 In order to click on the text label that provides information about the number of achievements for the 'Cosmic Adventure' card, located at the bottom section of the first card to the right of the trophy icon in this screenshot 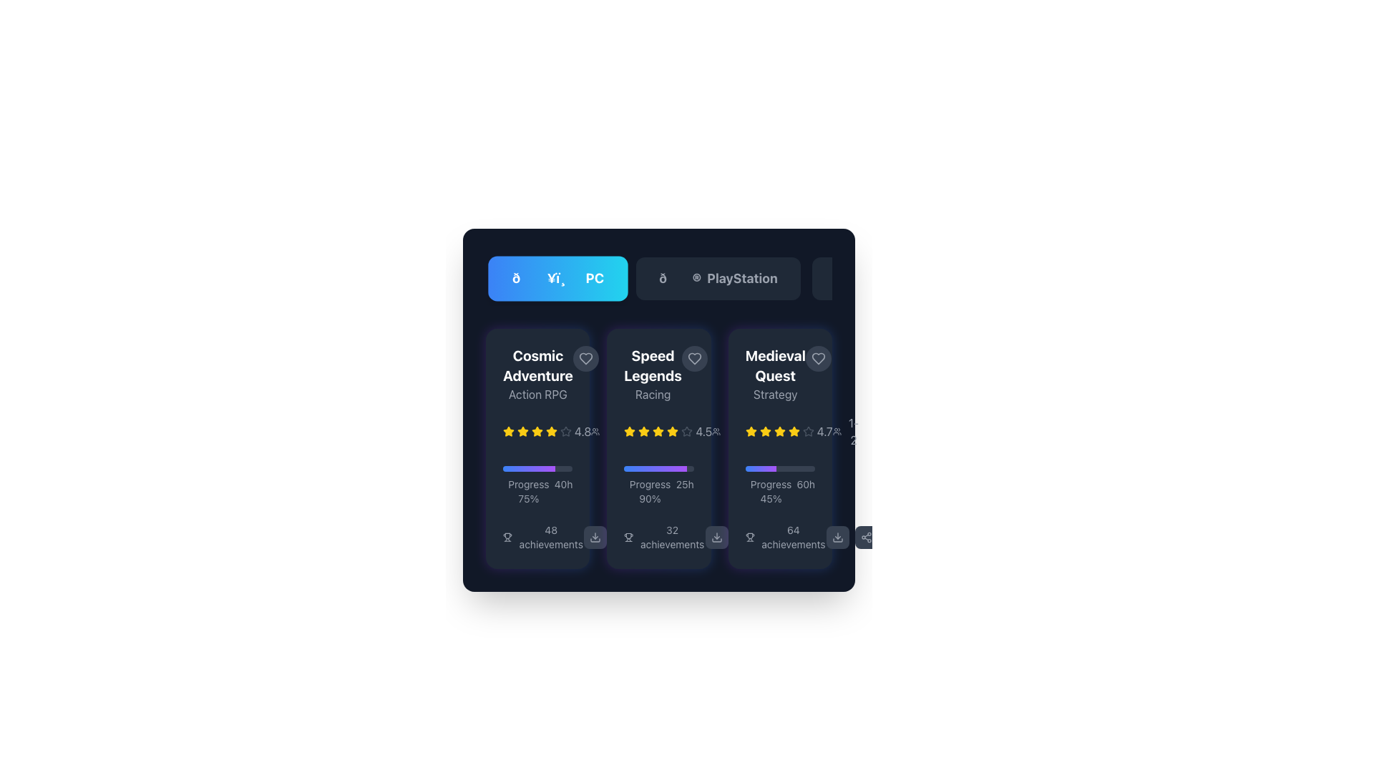, I will do `click(550, 538)`.